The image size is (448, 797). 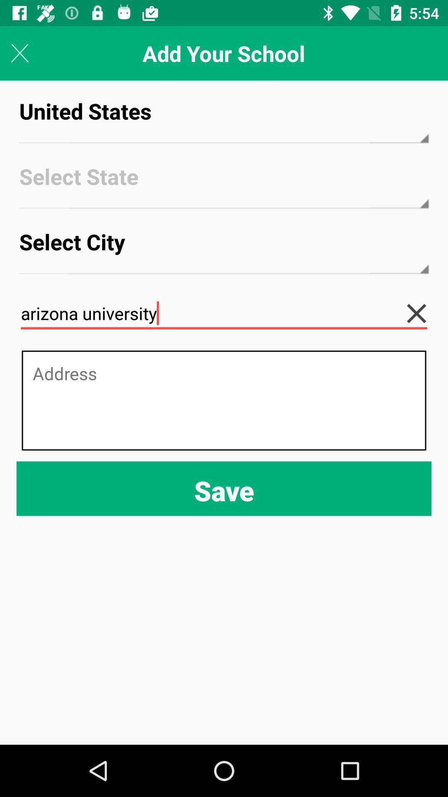 I want to click on icon above the save icon, so click(x=224, y=400).